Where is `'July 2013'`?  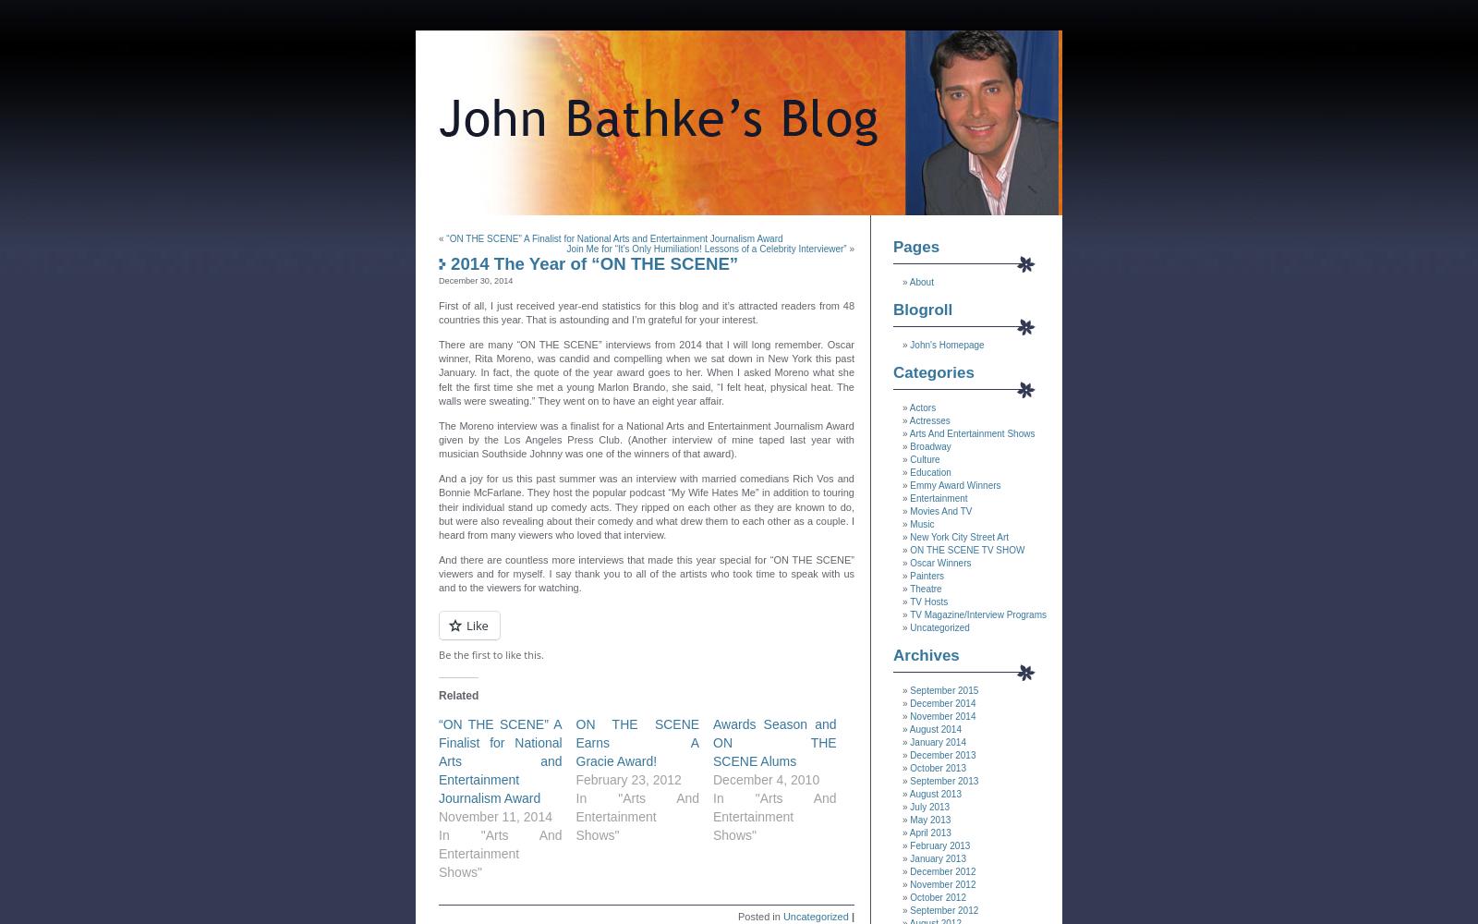
'July 2013' is located at coordinates (929, 806).